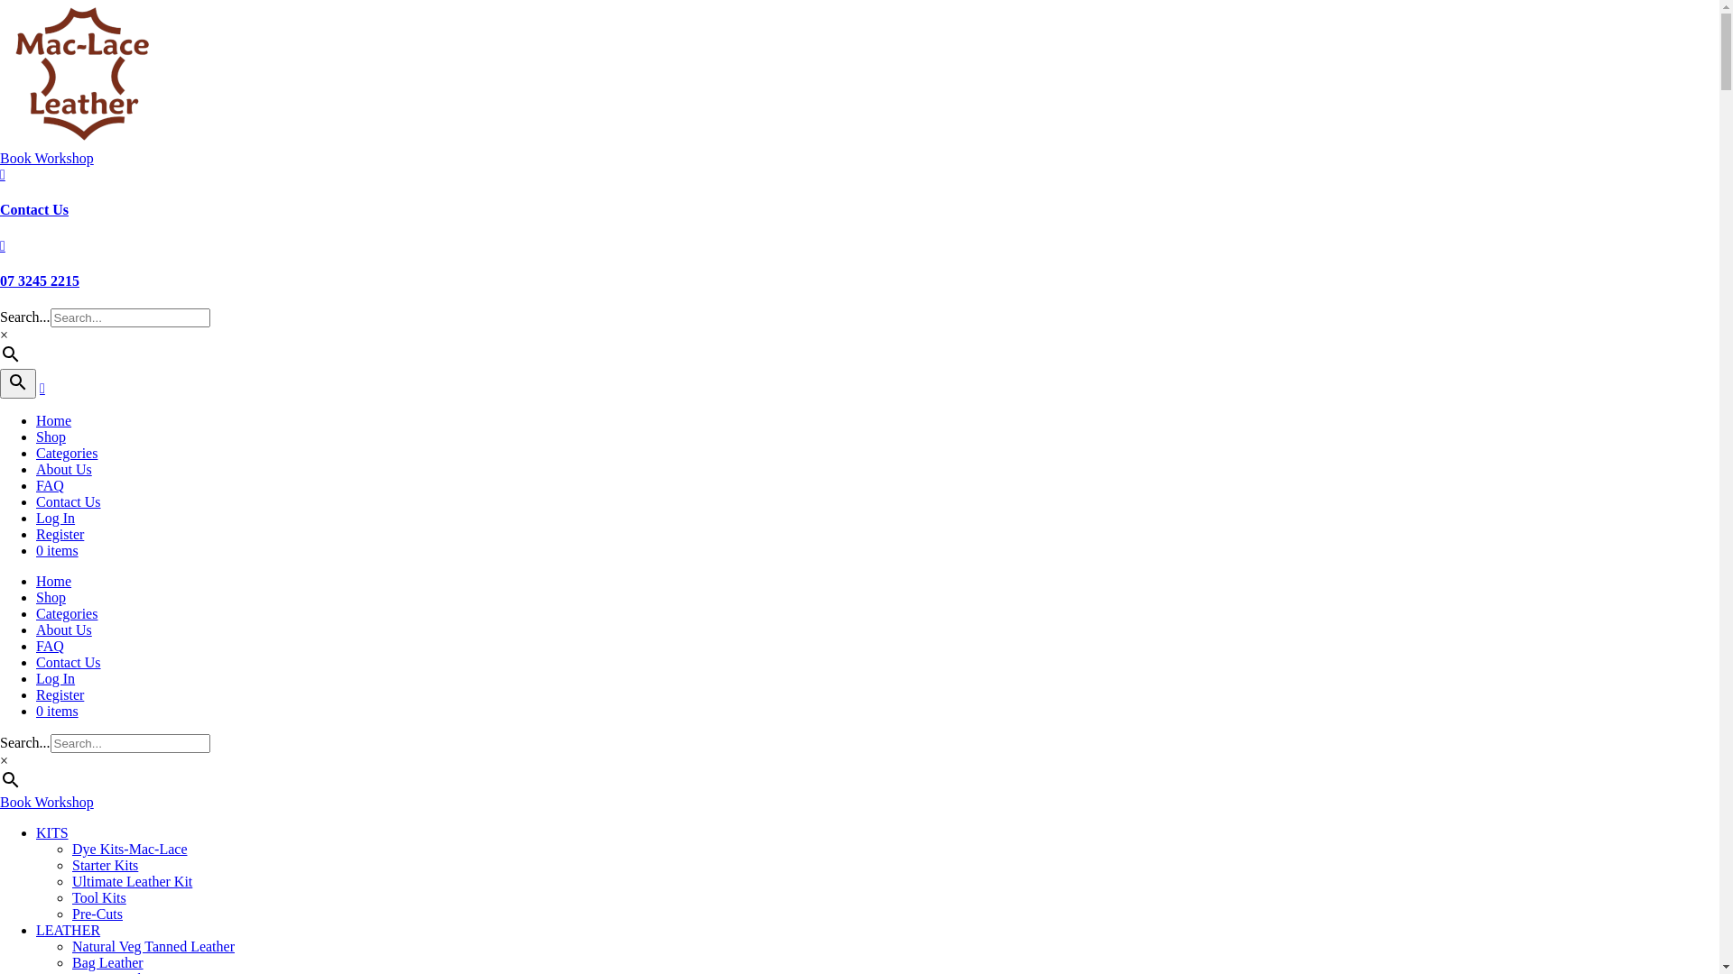 The image size is (1733, 974). Describe the element at coordinates (60, 533) in the screenshot. I see `'Register'` at that location.